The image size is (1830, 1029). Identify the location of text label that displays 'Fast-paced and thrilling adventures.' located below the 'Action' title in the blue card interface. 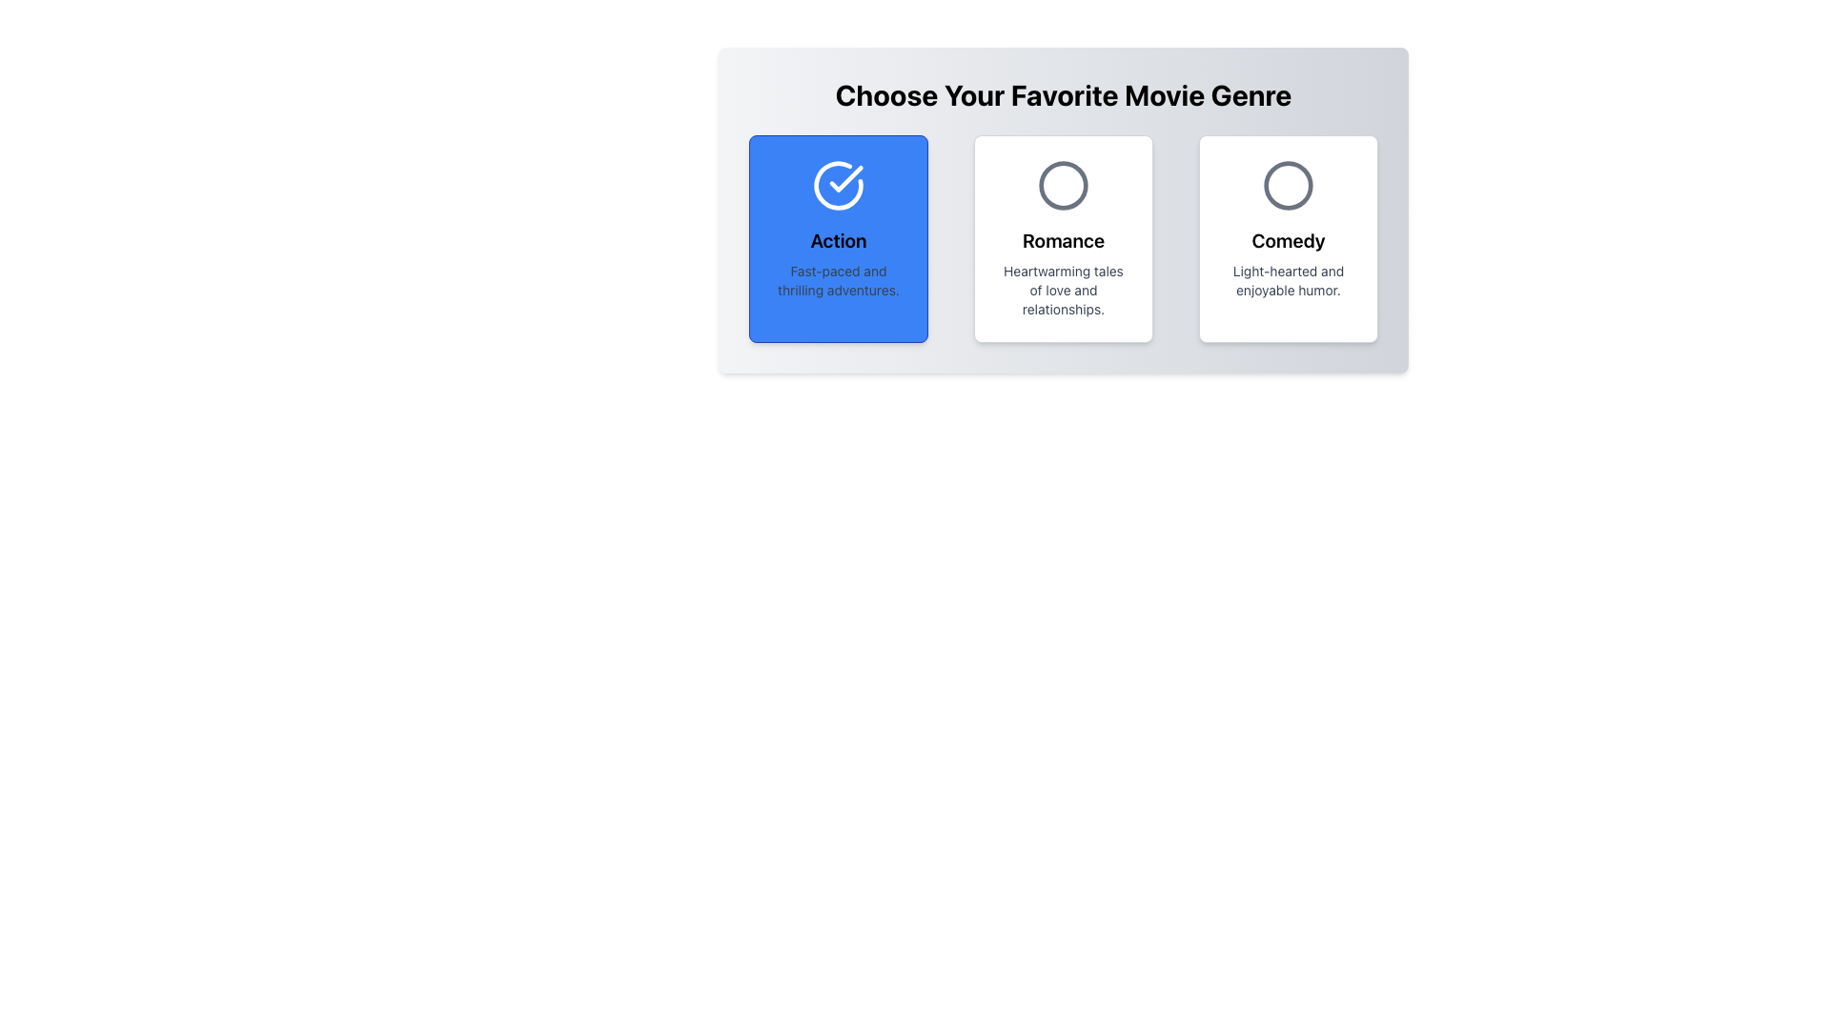
(838, 280).